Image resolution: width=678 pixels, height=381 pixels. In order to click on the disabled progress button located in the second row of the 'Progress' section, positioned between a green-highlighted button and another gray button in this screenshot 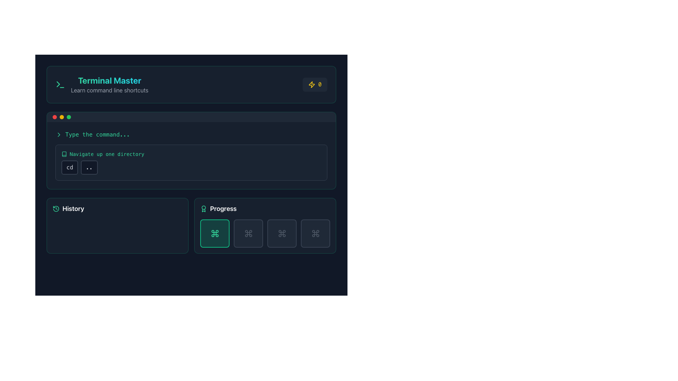, I will do `click(248, 234)`.